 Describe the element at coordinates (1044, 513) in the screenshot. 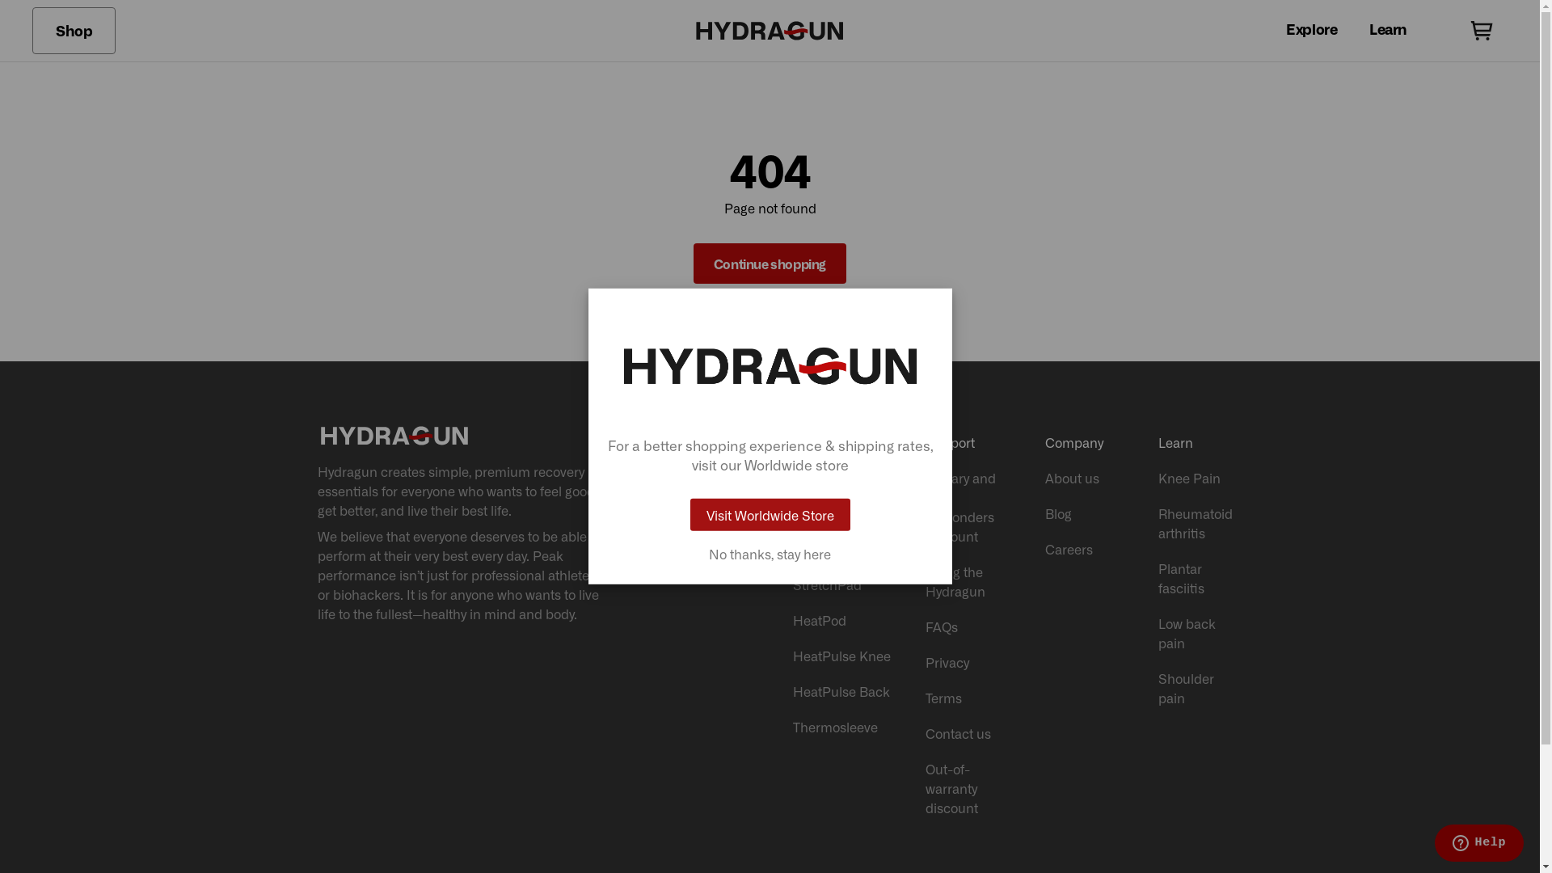

I see `'Blog'` at that location.